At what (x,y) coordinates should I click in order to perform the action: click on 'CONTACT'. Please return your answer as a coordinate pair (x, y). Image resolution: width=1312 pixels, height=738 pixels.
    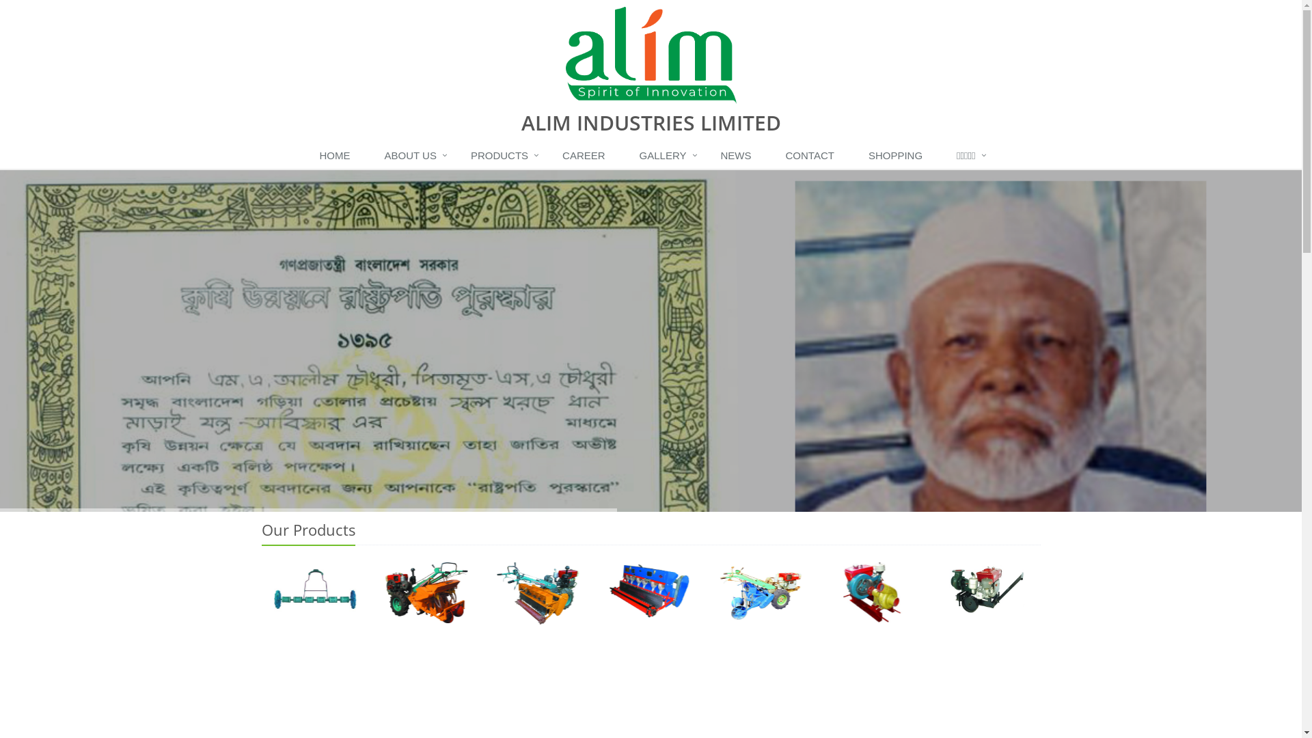
    Looking at the image, I should click on (813, 155).